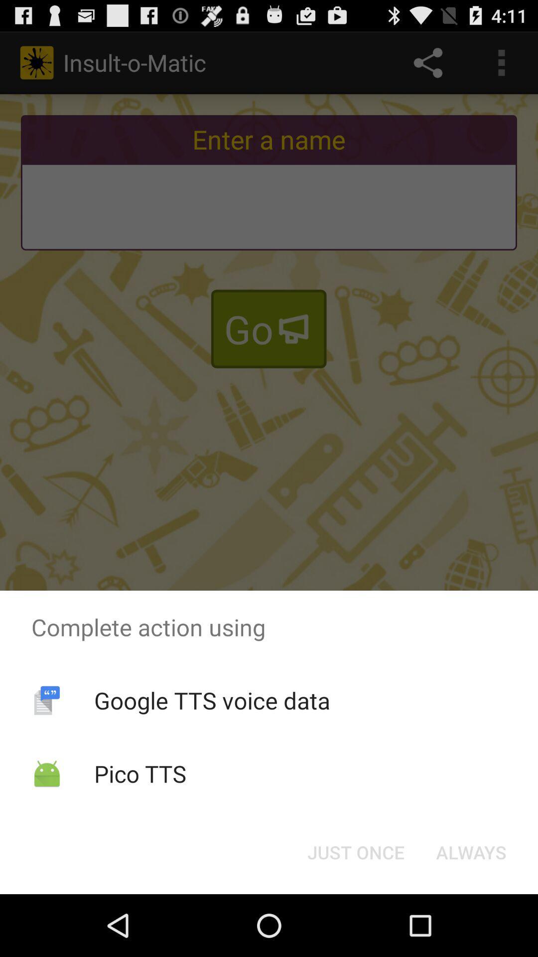 The image size is (538, 957). I want to click on button next to the always, so click(355, 851).